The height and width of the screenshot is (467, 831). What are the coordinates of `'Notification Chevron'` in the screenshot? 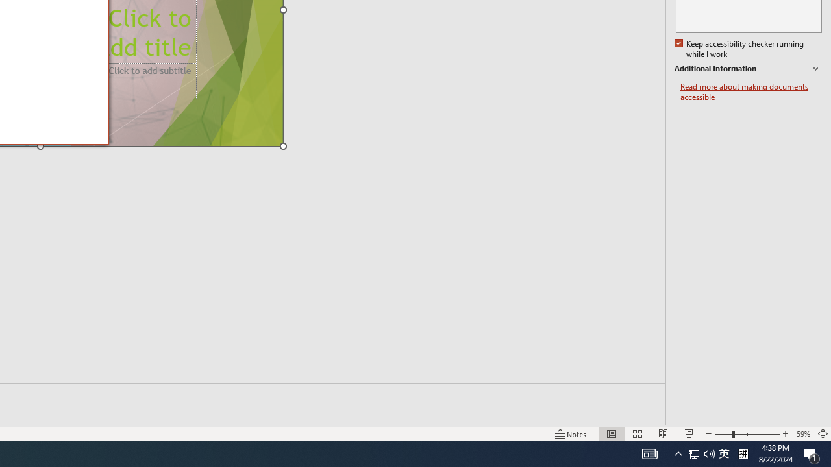 It's located at (678, 453).